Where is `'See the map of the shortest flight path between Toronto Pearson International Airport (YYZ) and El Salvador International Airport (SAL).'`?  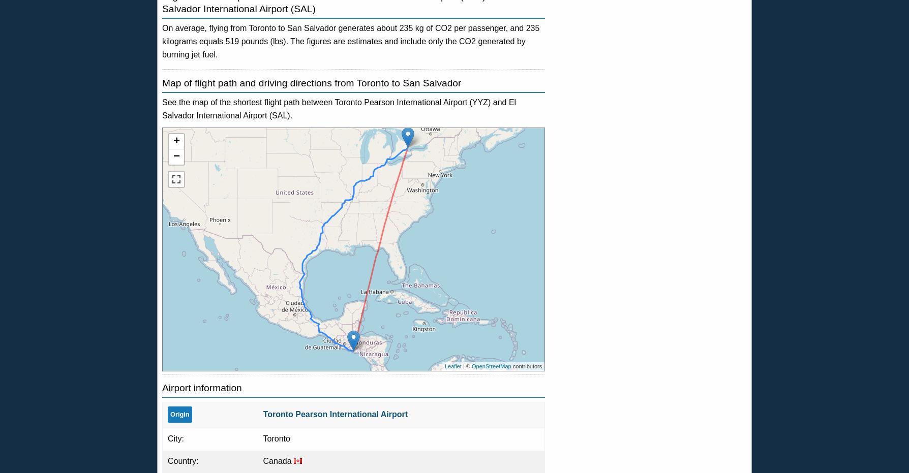 'See the map of the shortest flight path between Toronto Pearson International Airport (YYZ) and El Salvador International Airport (SAL).' is located at coordinates (339, 108).